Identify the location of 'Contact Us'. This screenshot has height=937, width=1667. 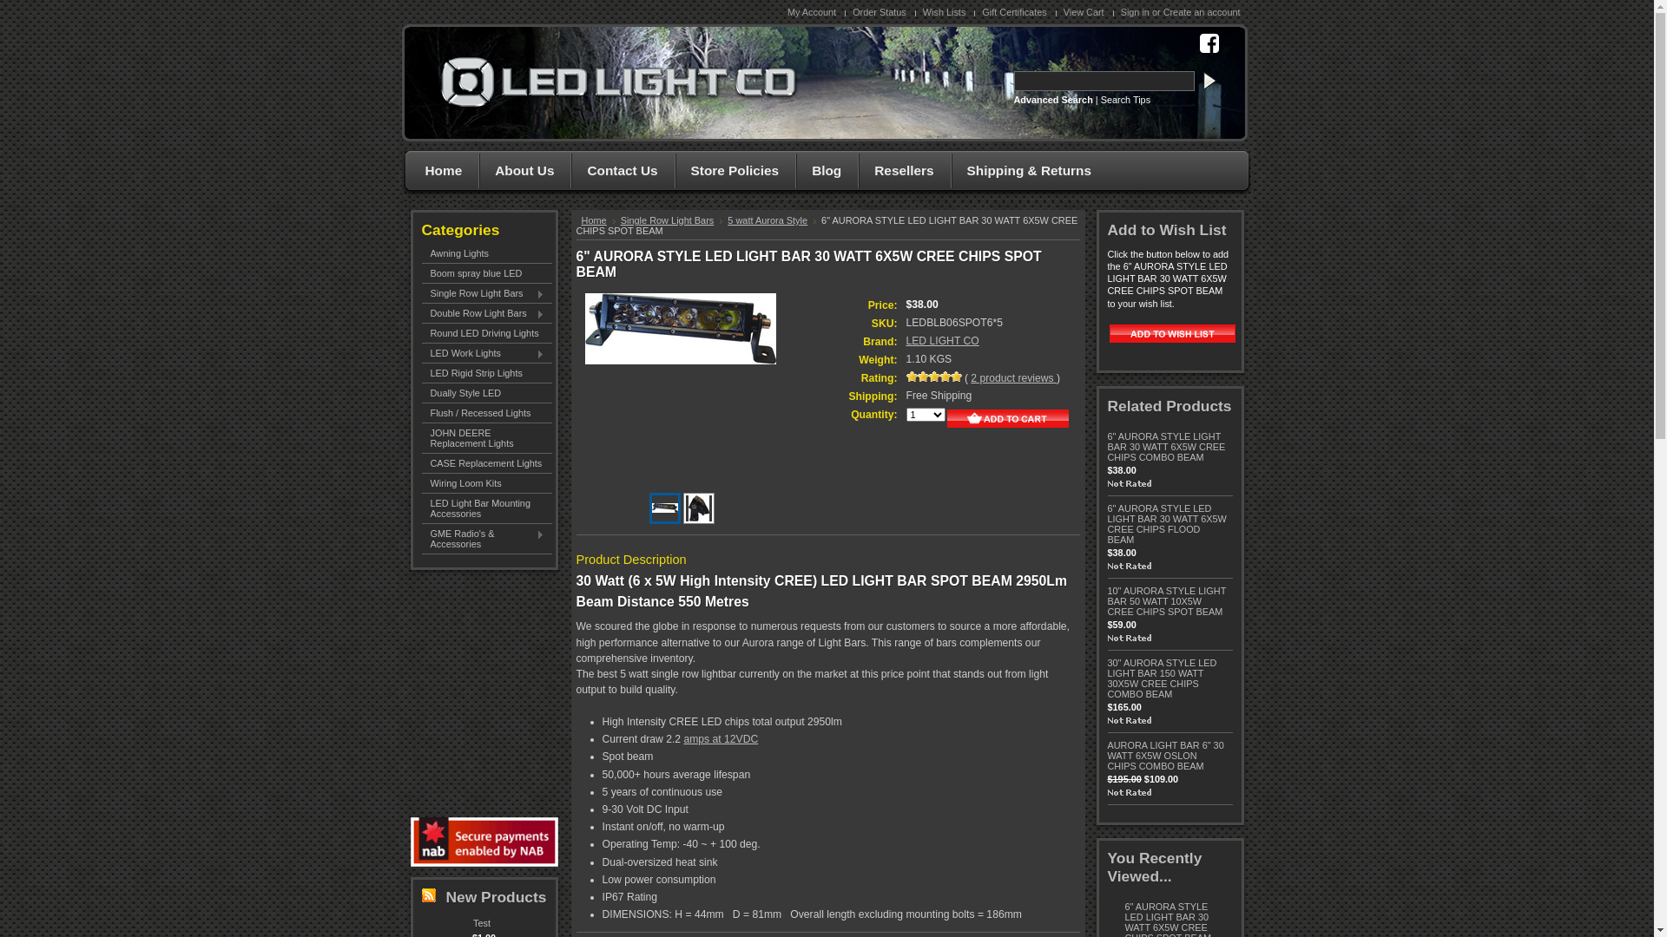
(617, 172).